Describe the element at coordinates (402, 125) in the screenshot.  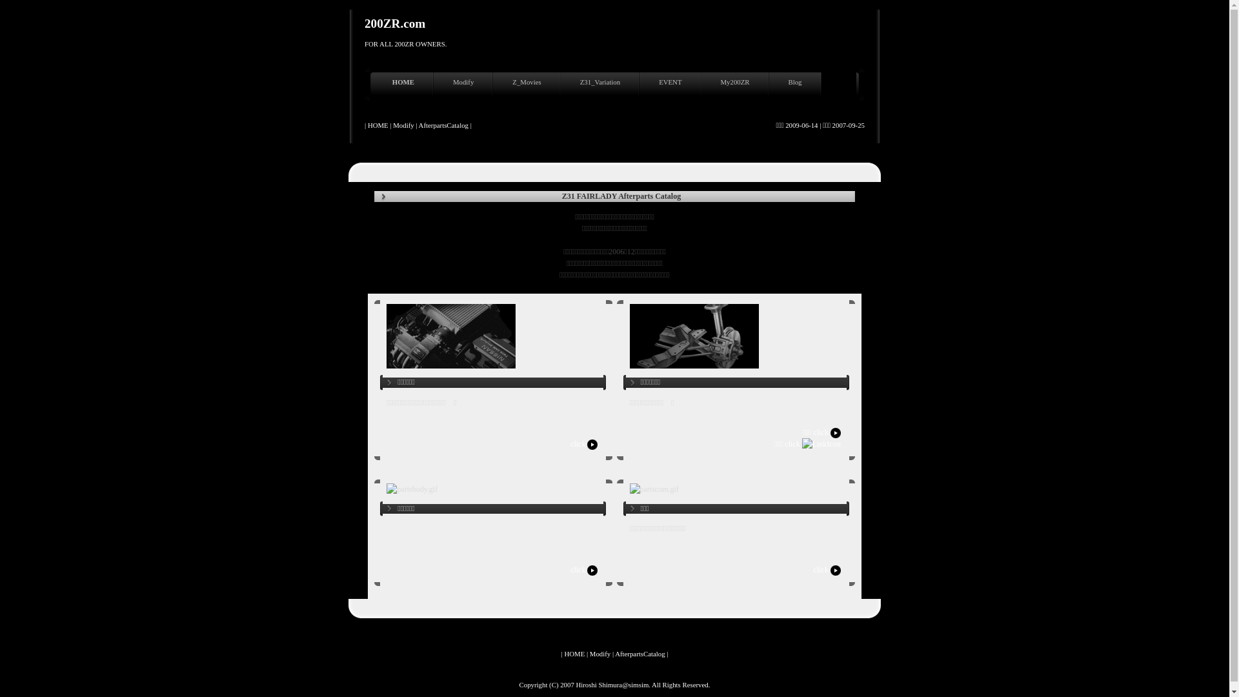
I see `'Modify'` at that location.